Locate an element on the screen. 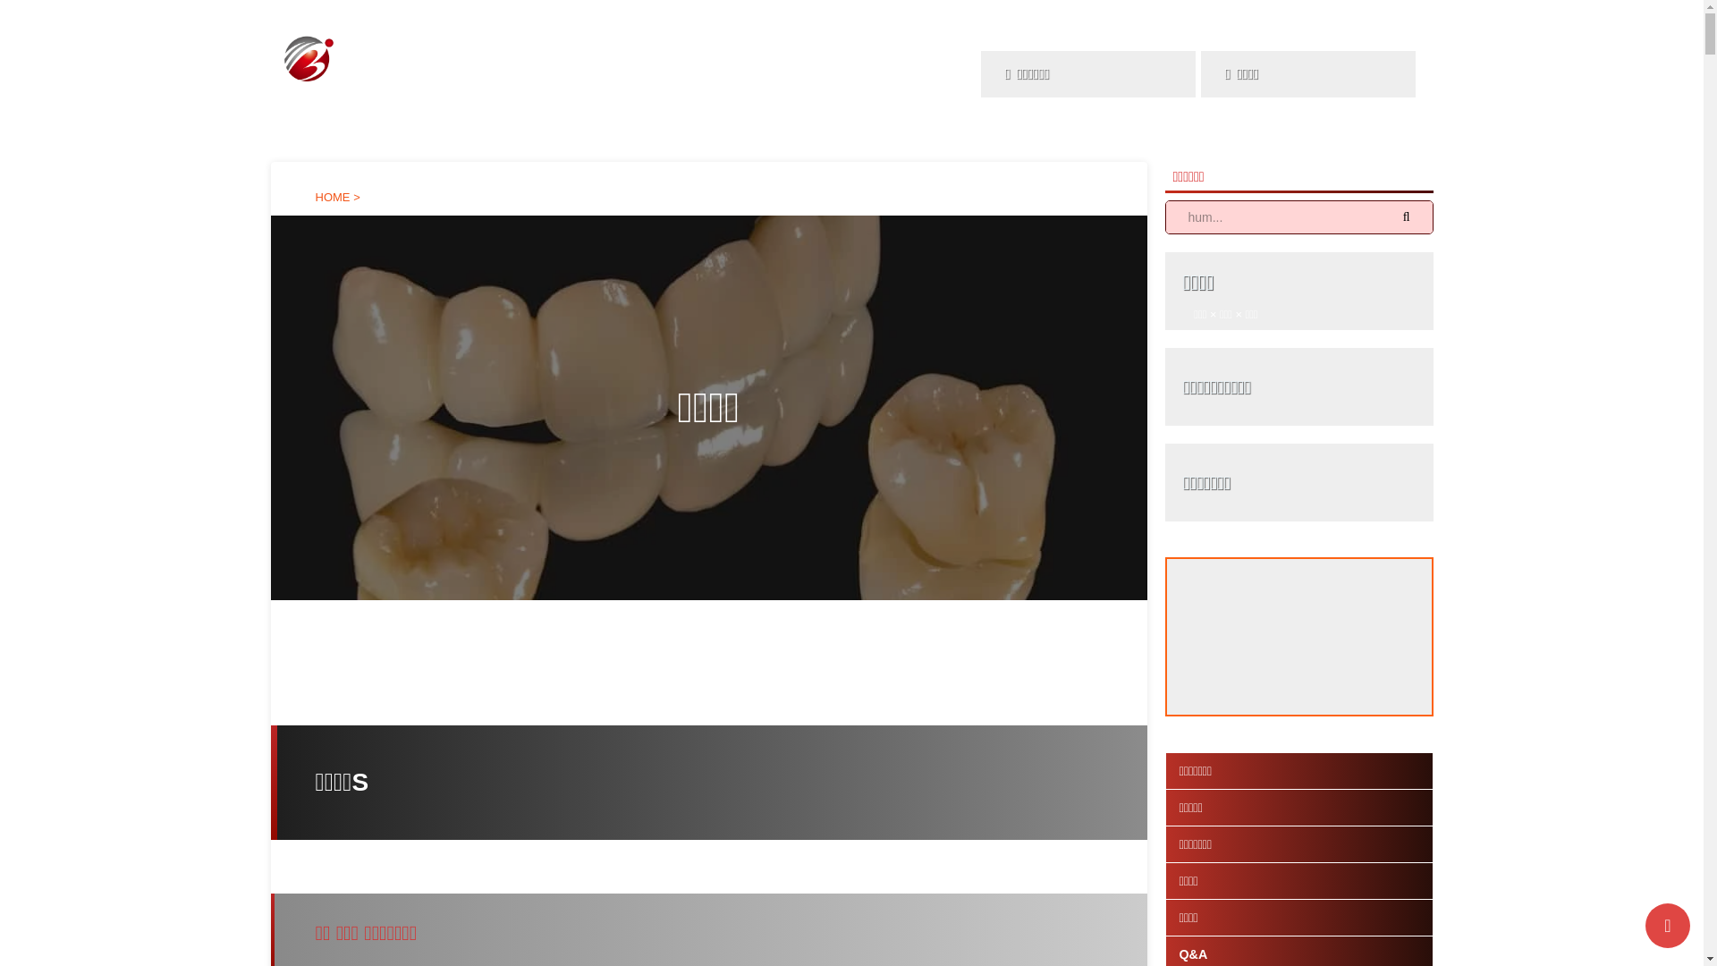 Image resolution: width=1717 pixels, height=966 pixels. 'HOME' is located at coordinates (334, 197).